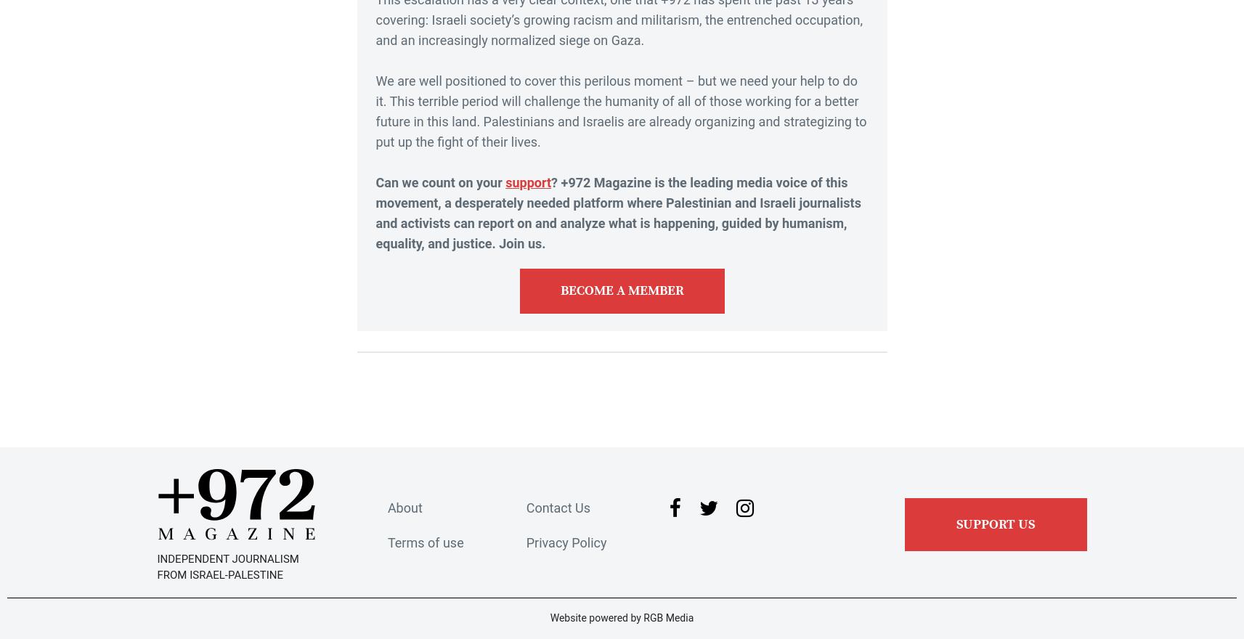 The image size is (1244, 639). I want to click on 'FROM ISRAEL-PALESTINE', so click(219, 575).